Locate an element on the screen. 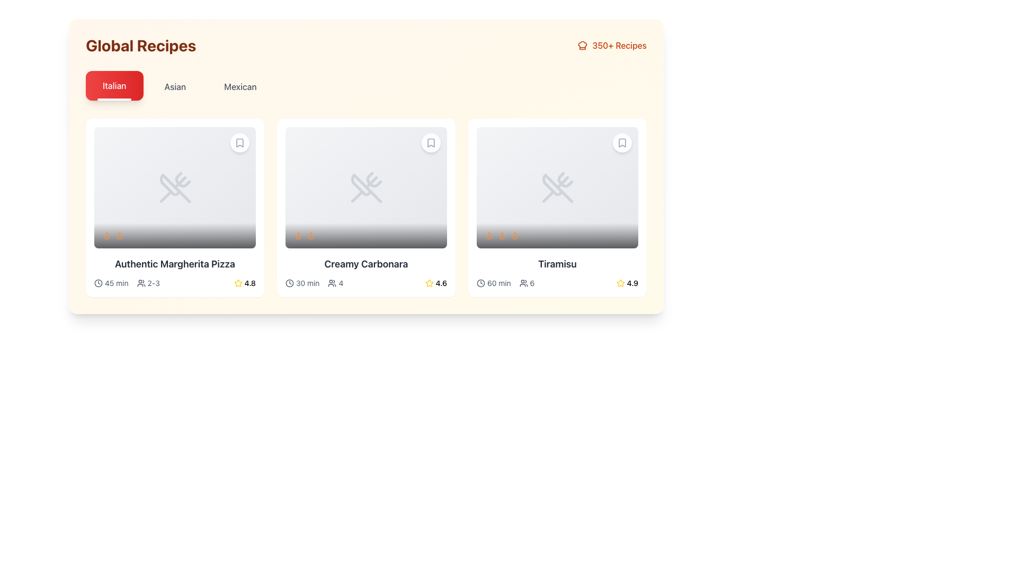 This screenshot has height=572, width=1017. the bookmark icon located at the top-right corner of the 'Creamy Carbonara' recipe card is located at coordinates (431, 143).